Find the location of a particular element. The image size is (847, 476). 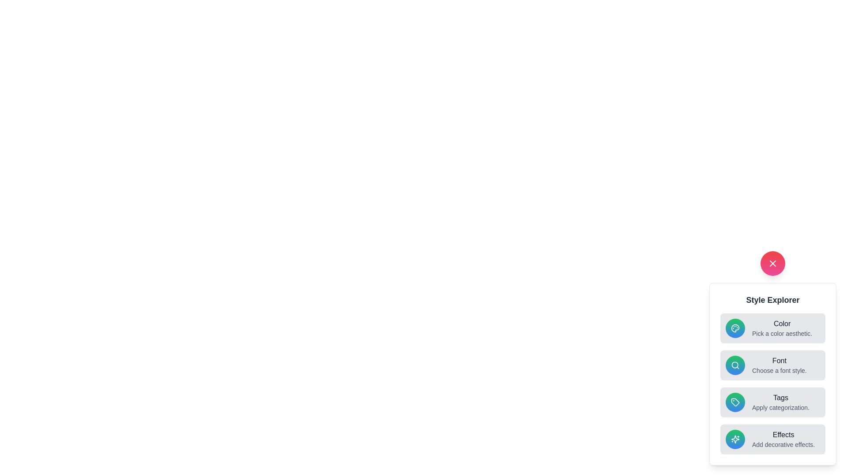

the style option labeled Effects to view its hover effect is located at coordinates (772, 439).